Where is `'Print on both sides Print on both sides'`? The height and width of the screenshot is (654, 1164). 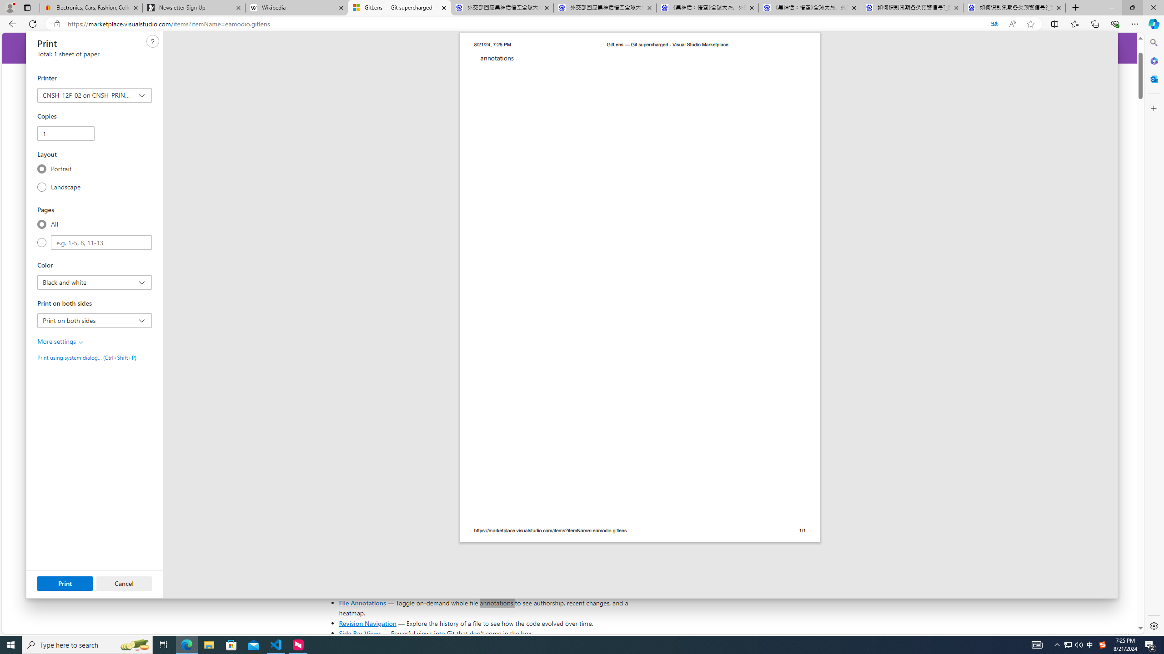
'Print on both sides Print on both sides' is located at coordinates (94, 320).